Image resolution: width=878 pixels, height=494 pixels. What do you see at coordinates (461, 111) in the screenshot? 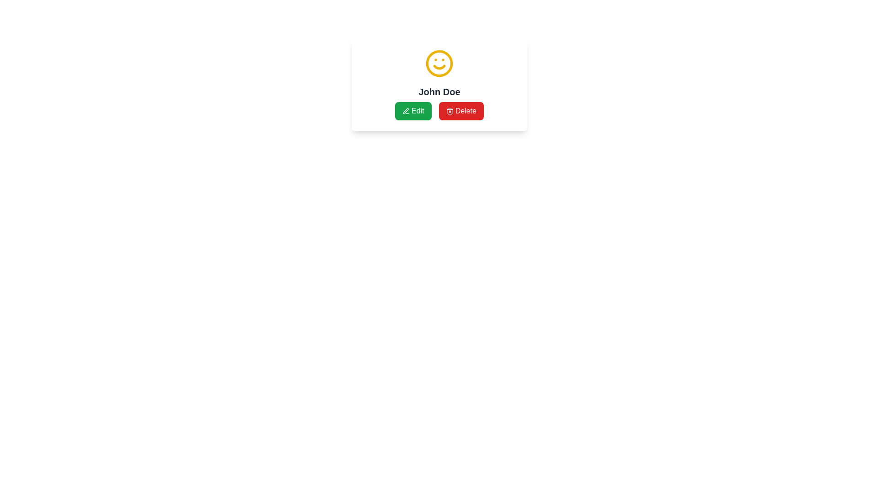
I see `the red 'Delete' button with white text and a trashcan icon` at bounding box center [461, 111].